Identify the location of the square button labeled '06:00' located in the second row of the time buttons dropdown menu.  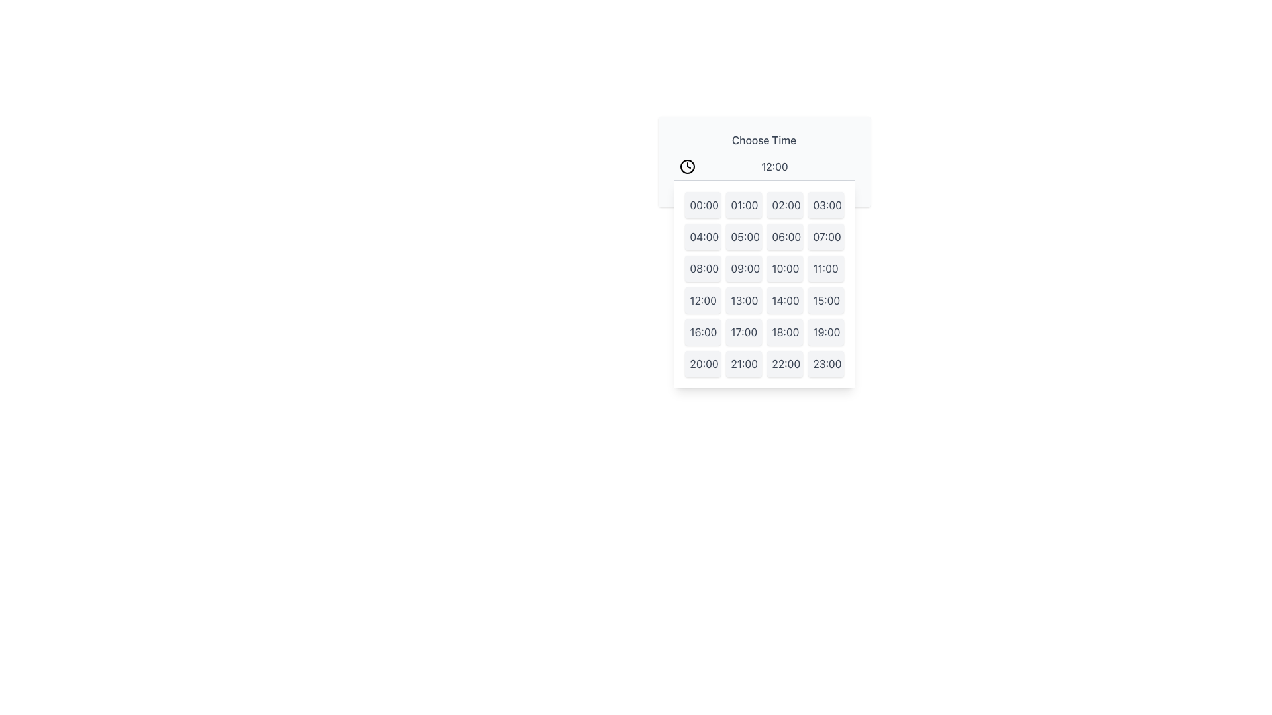
(784, 236).